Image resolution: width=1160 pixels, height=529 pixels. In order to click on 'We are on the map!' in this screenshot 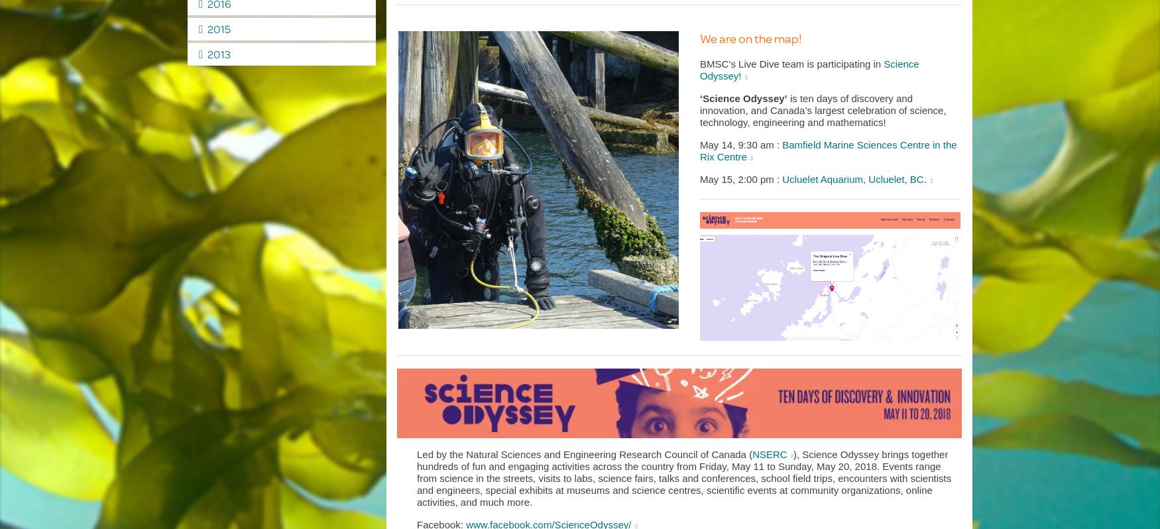, I will do `click(750, 38)`.